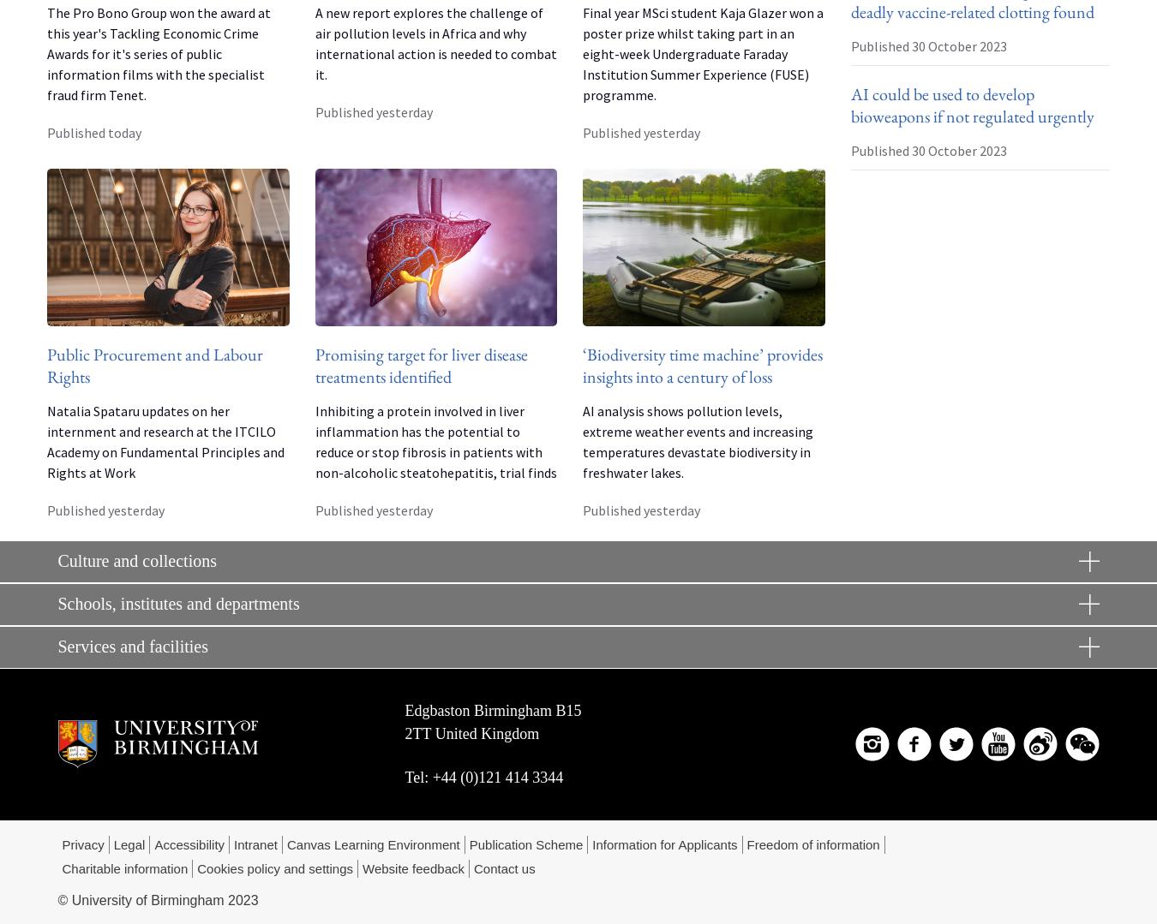 The image size is (1157, 924). I want to click on 'Cookies policy and settings', so click(196, 867).